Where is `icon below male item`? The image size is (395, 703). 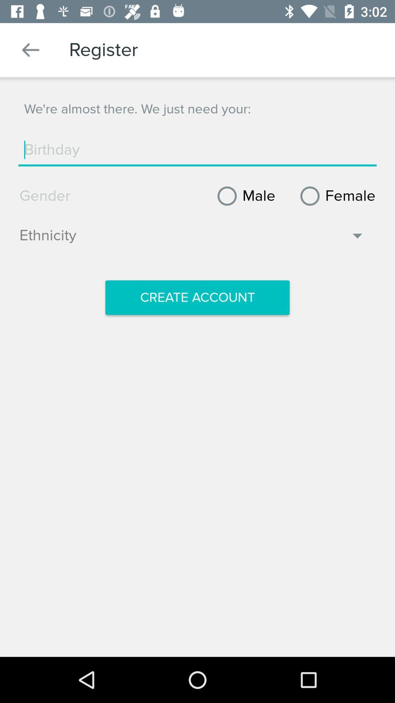 icon below male item is located at coordinates (192, 239).